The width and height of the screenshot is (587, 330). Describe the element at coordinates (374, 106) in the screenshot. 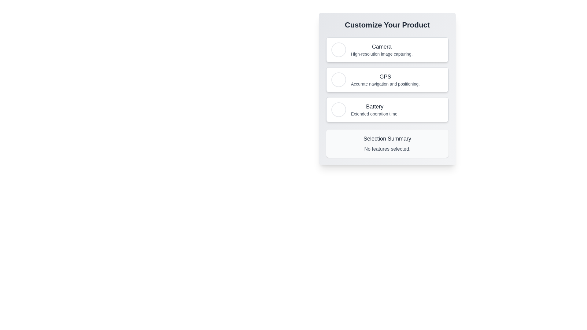

I see `the static text label indicating 'Battery', located in the middle-left section of the third option card in the vertical list of selectable options` at that location.